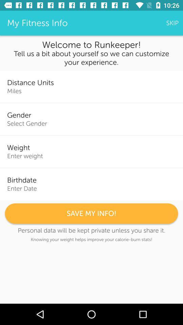 The image size is (183, 325). Describe the element at coordinates (172, 23) in the screenshot. I see `the item at the top right corner` at that location.